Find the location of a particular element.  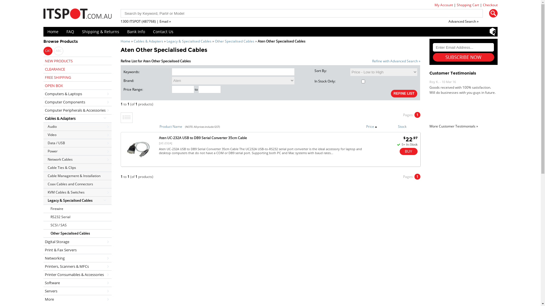

'Contact Us' is located at coordinates (148, 31).